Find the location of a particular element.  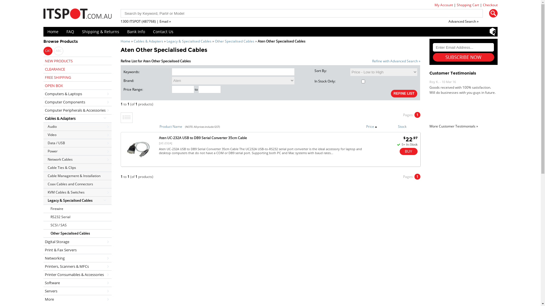

'Contact Us' is located at coordinates (148, 31).